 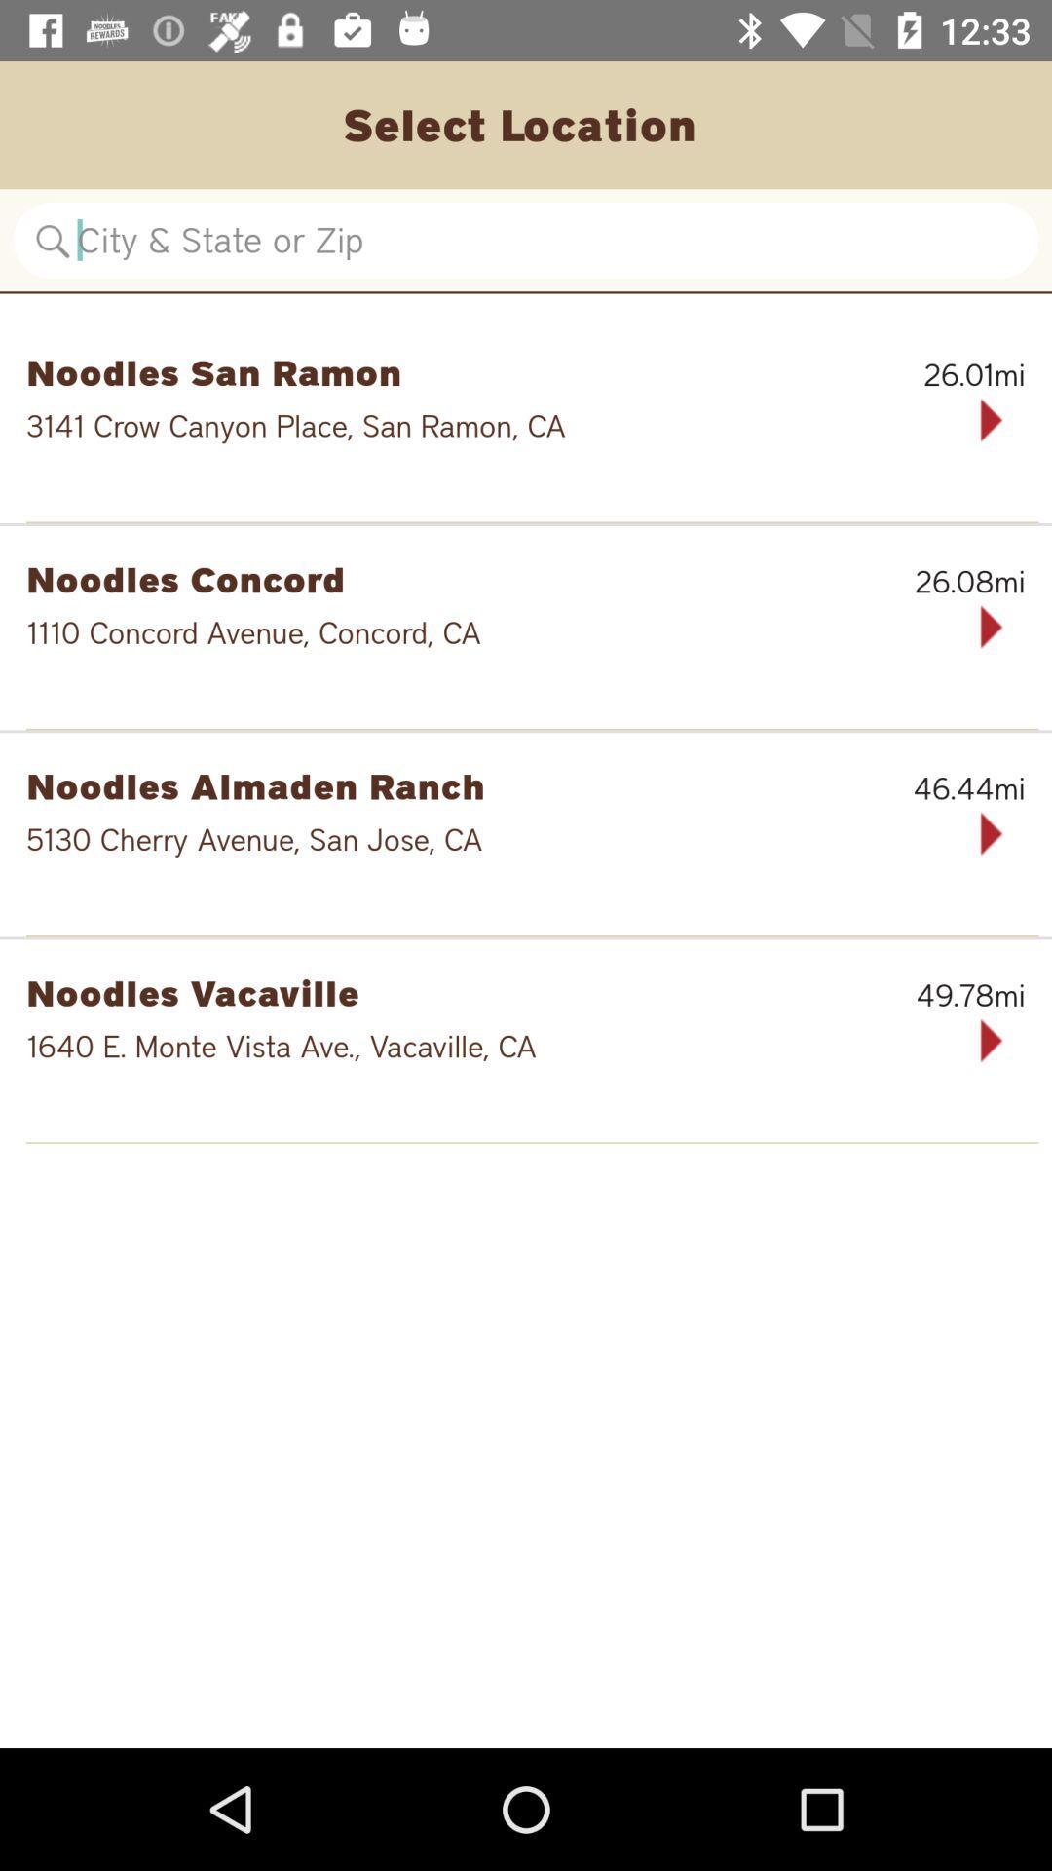 I want to click on the 3141 crow canyon icon, so click(x=464, y=425).